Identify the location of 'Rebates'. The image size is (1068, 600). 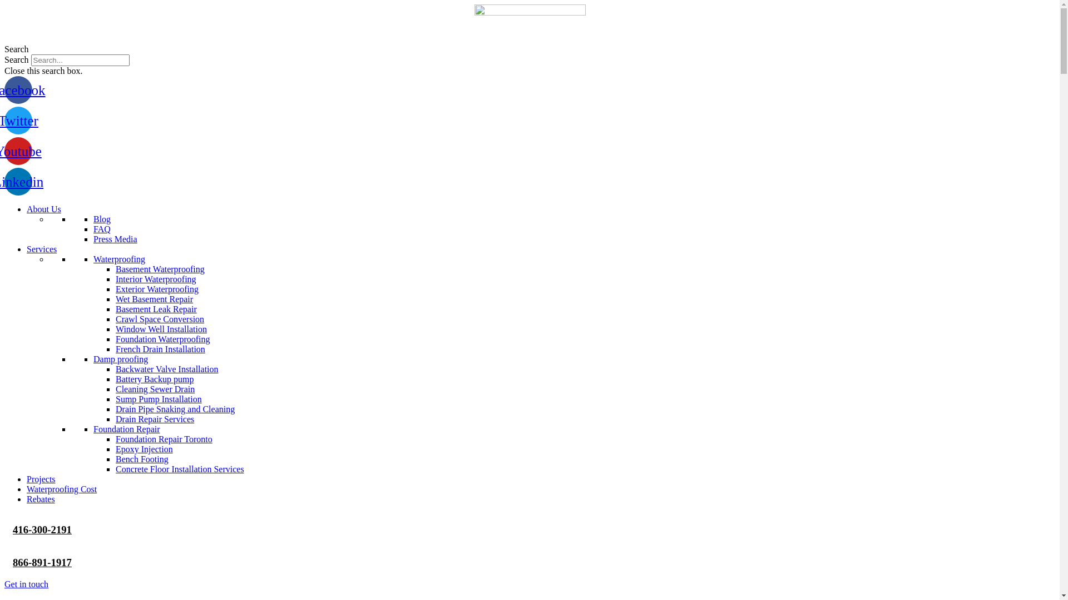
(41, 498).